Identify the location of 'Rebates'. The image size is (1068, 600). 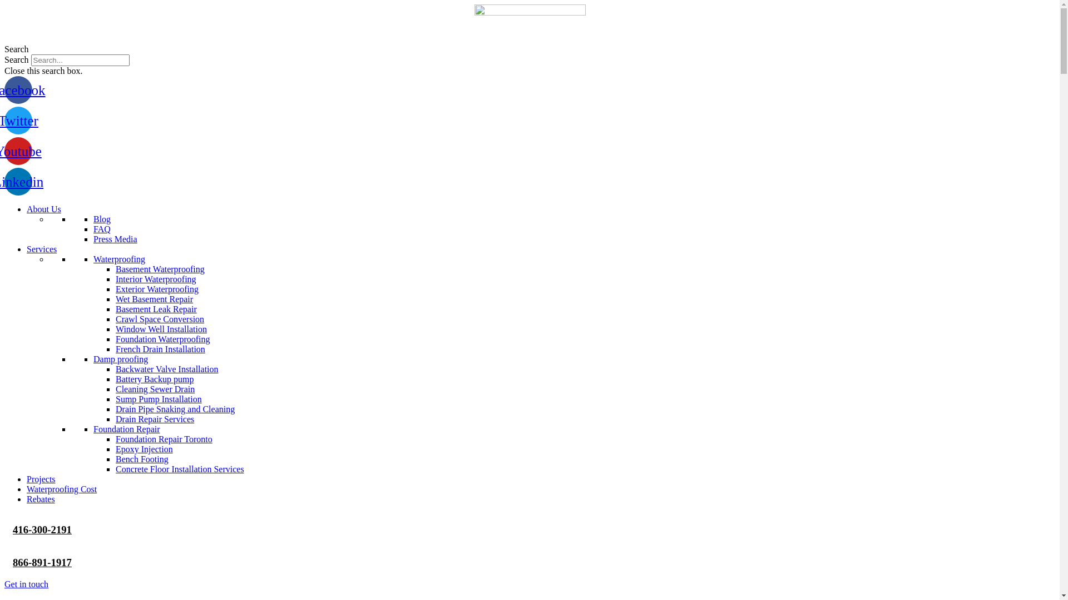
(41, 498).